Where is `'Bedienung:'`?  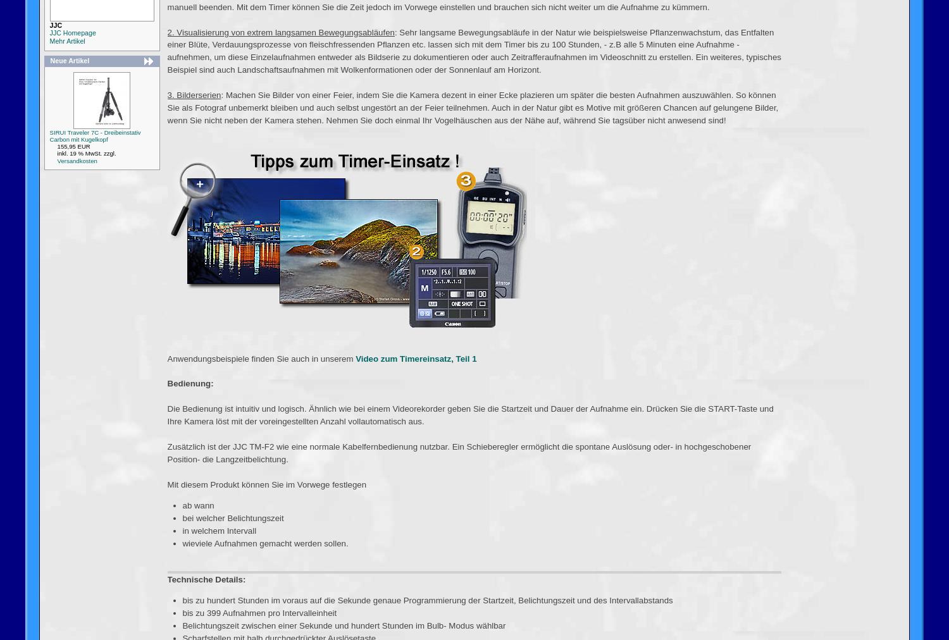 'Bedienung:' is located at coordinates (190, 383).